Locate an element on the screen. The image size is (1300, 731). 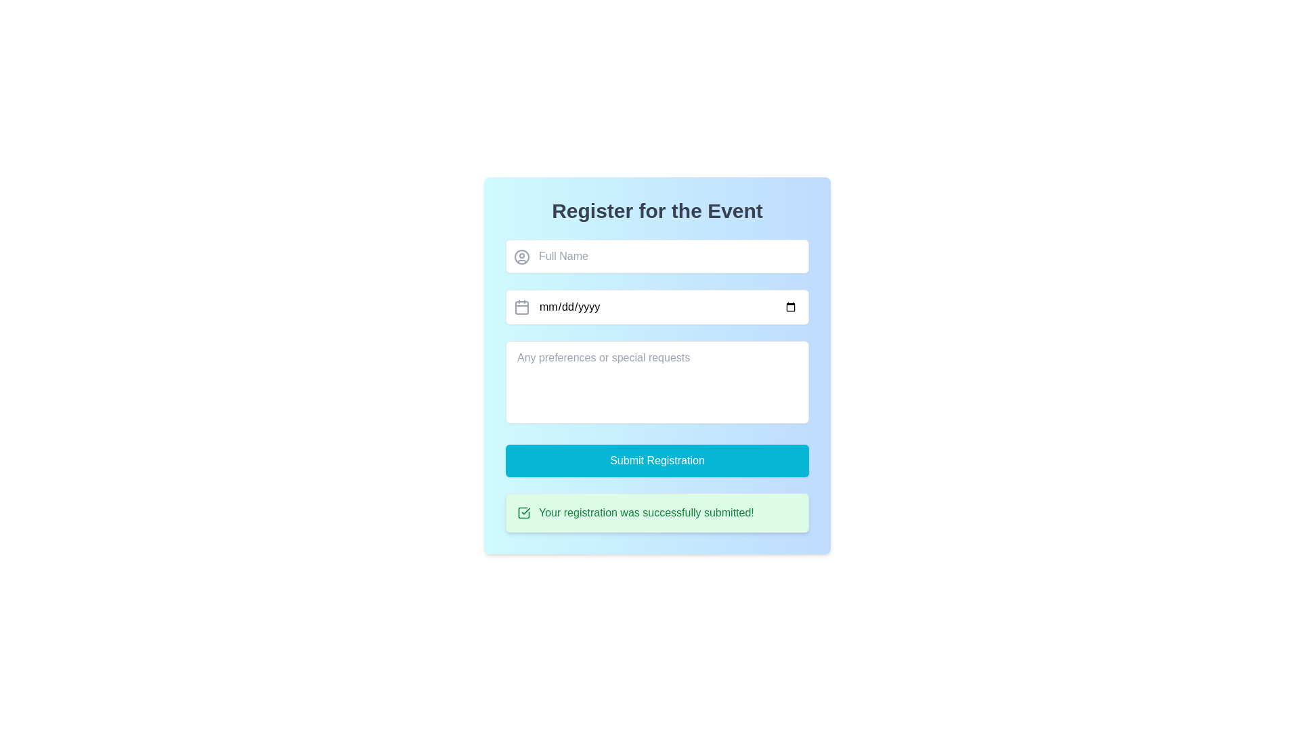
a date using the calendar dropdown from the date input field styled with a border and rounded corners, positioned below the 'Full Name' input field is located at coordinates (657, 307).